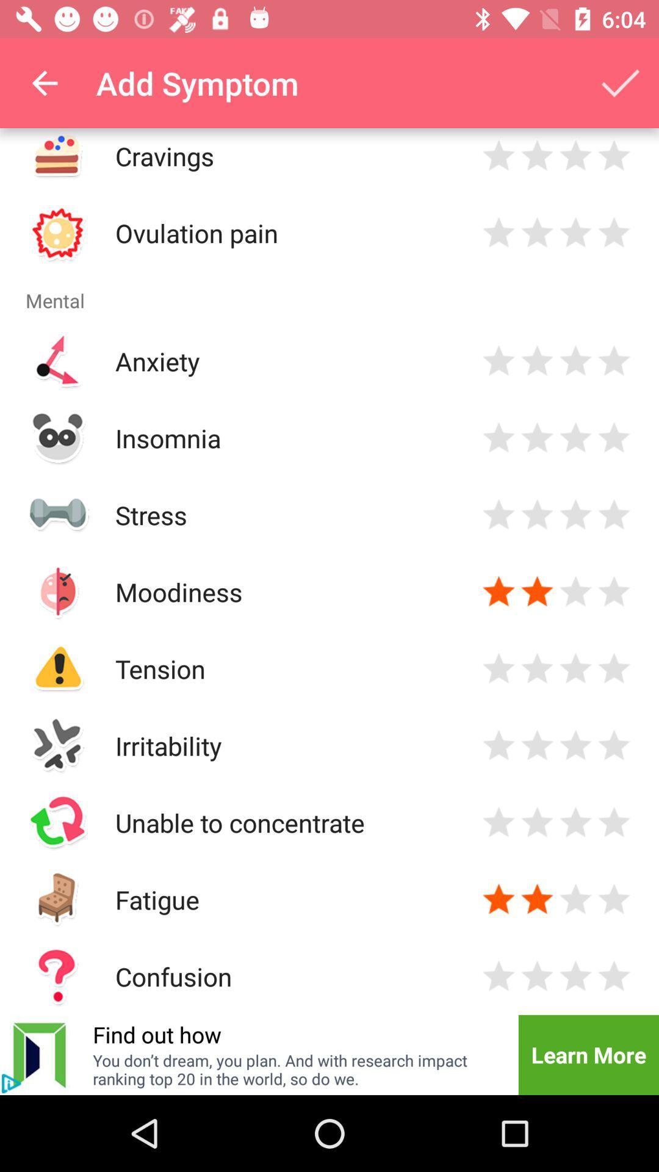  Describe the element at coordinates (536, 822) in the screenshot. I see `assign star rating` at that location.